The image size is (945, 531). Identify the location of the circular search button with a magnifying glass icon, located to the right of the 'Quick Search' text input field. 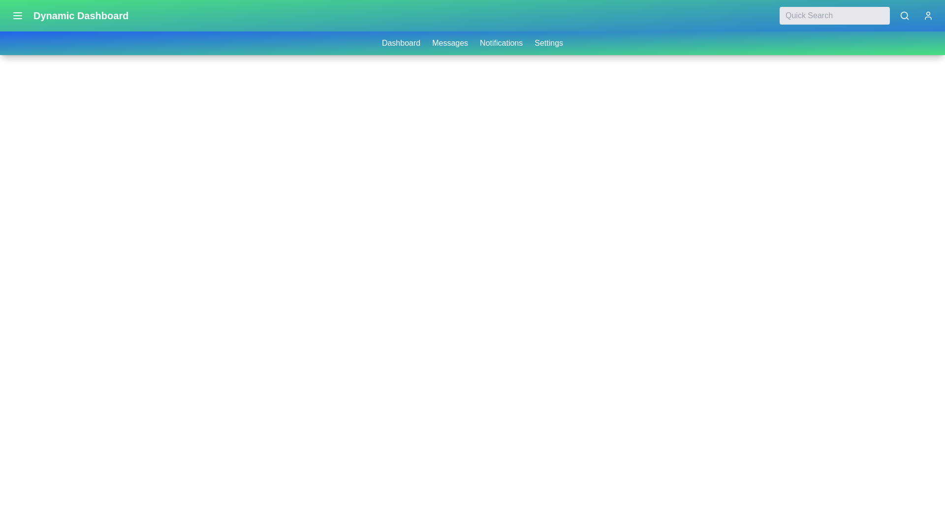
(905, 15).